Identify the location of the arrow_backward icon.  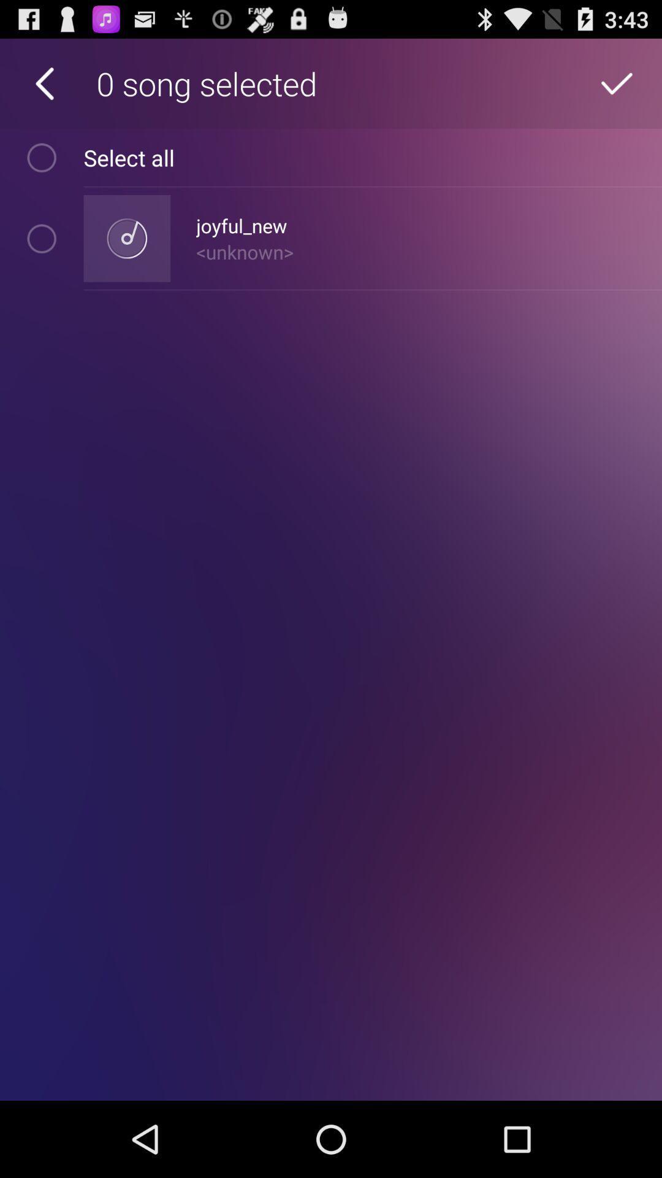
(44, 89).